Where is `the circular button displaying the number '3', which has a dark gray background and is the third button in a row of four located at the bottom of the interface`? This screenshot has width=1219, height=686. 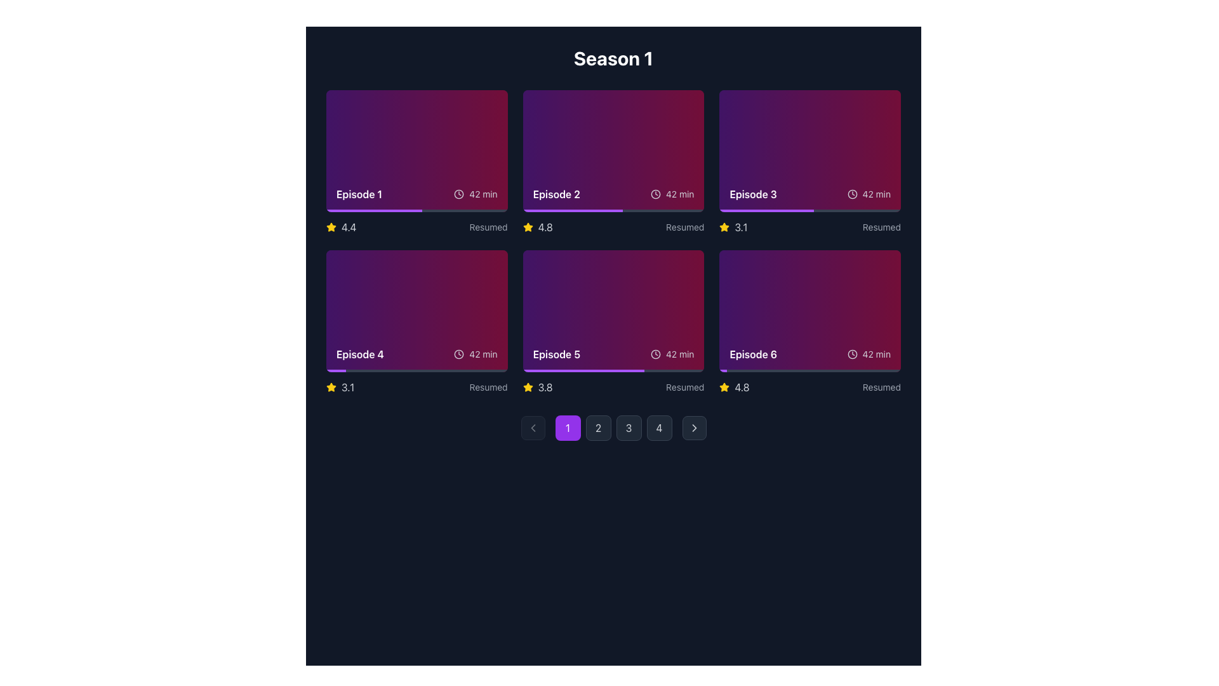
the circular button displaying the number '3', which has a dark gray background and is the third button in a row of four located at the bottom of the interface is located at coordinates (629, 428).